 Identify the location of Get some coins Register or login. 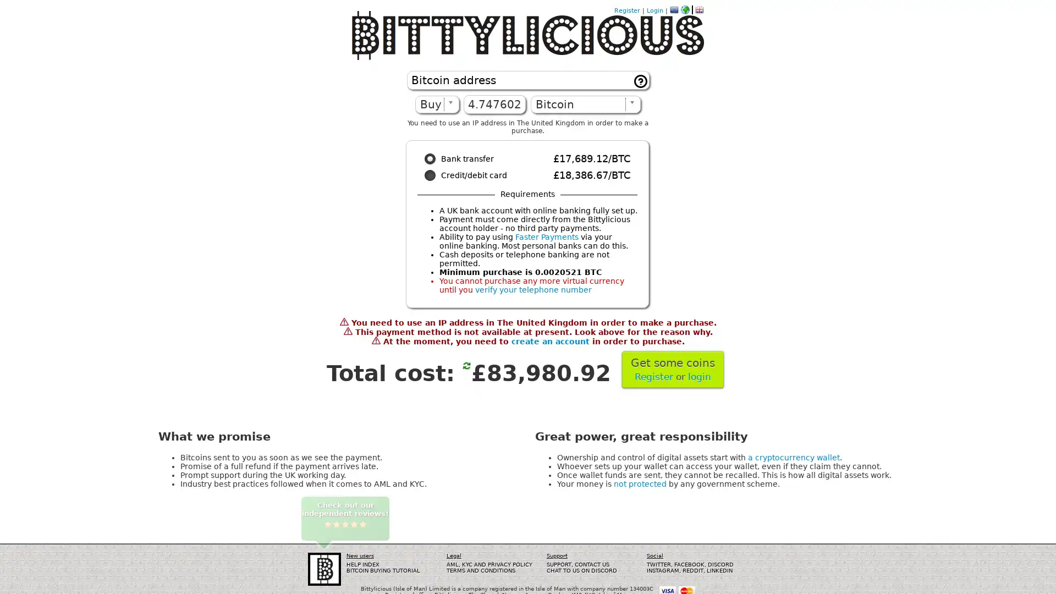
(672, 369).